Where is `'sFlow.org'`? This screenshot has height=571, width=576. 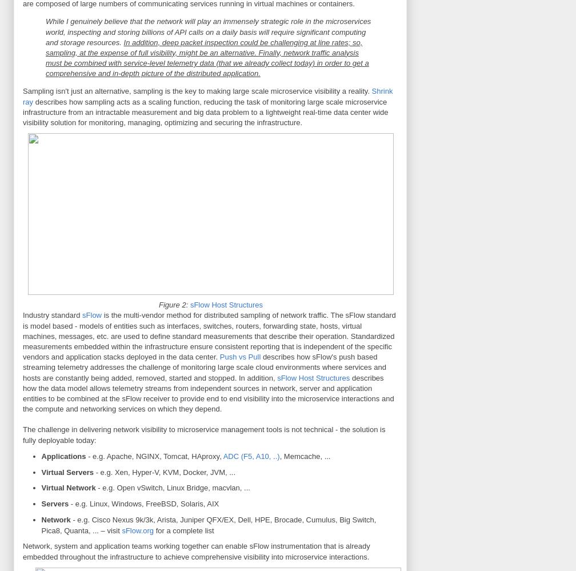 'sFlow.org' is located at coordinates (138, 530).